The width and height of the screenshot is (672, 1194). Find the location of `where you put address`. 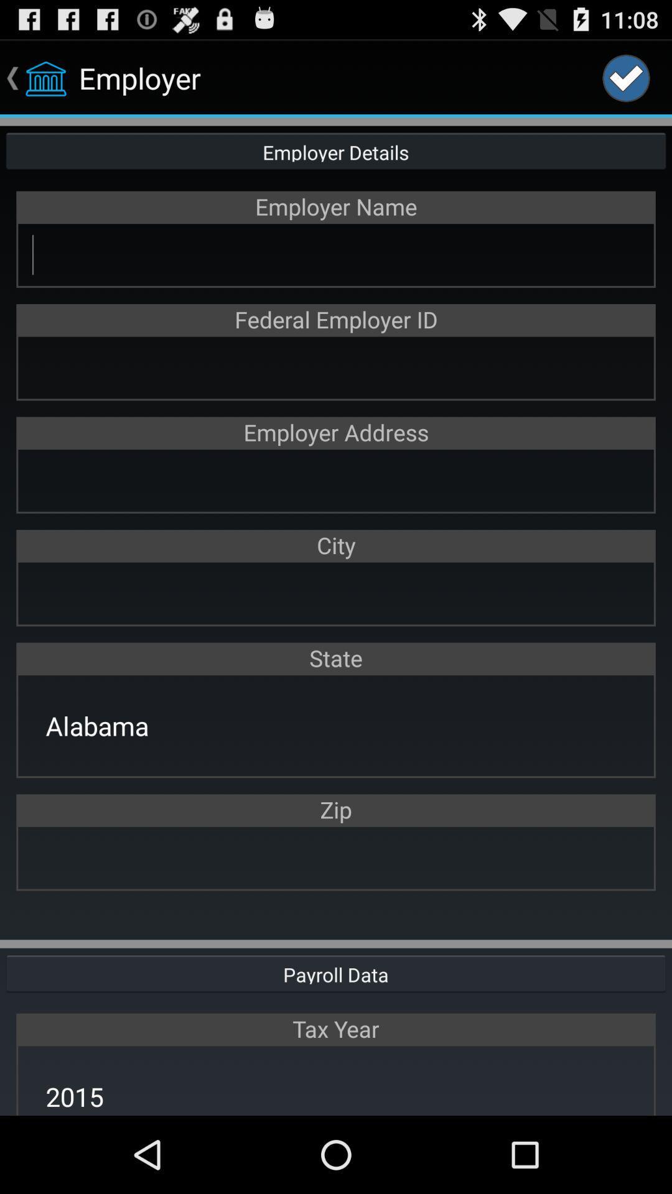

where you put address is located at coordinates (336, 479).